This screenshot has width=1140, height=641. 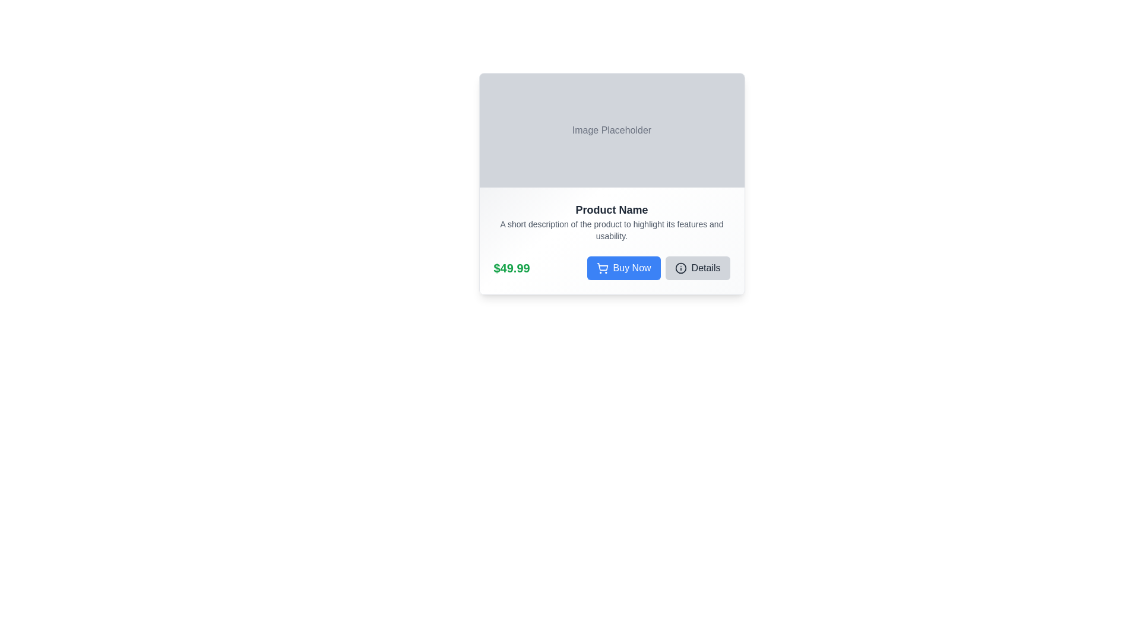 I want to click on the rounded rectangular button labeled 'Details' with a gray background, so click(x=698, y=268).